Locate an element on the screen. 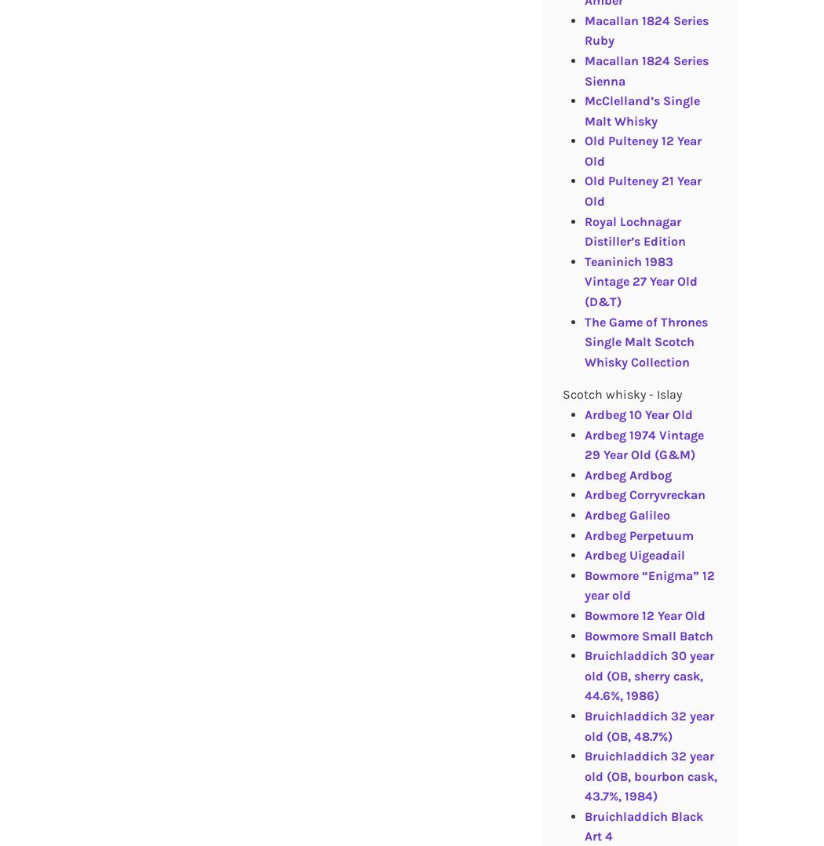  'Bruichladdich 32 year old (OB, bourbon cask, 43.7%, 1984)' is located at coordinates (650, 775).